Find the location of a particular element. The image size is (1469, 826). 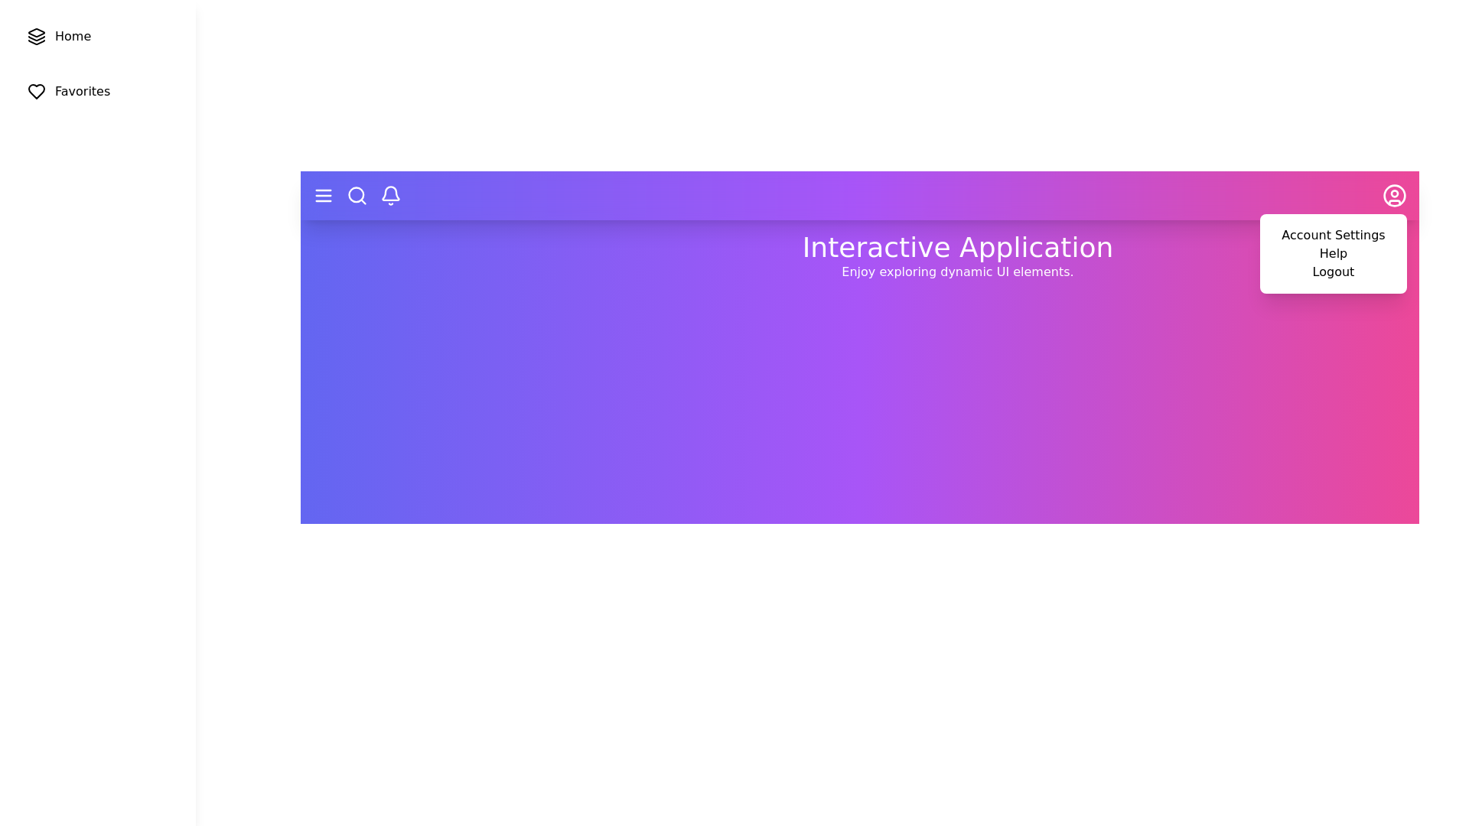

the search icon is located at coordinates (356, 194).